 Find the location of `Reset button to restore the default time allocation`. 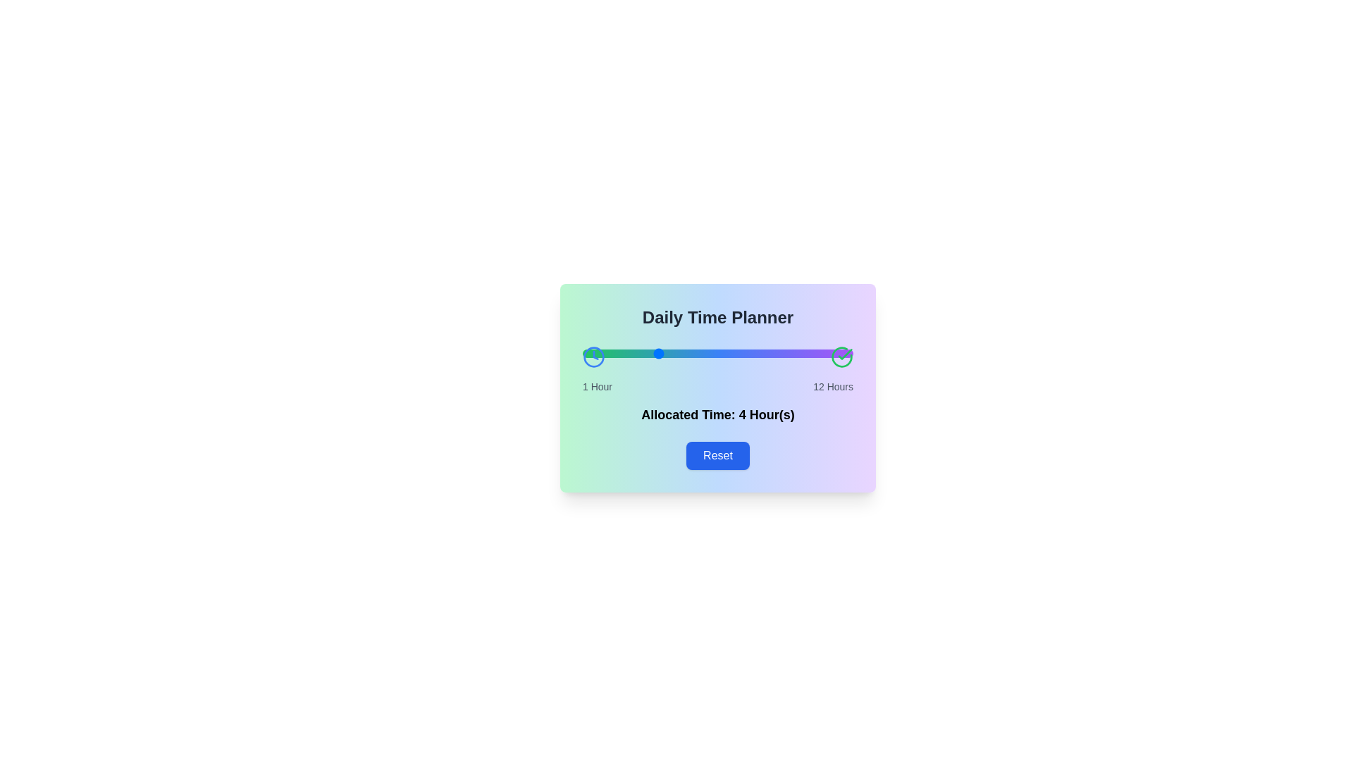

Reset button to restore the default time allocation is located at coordinates (717, 456).